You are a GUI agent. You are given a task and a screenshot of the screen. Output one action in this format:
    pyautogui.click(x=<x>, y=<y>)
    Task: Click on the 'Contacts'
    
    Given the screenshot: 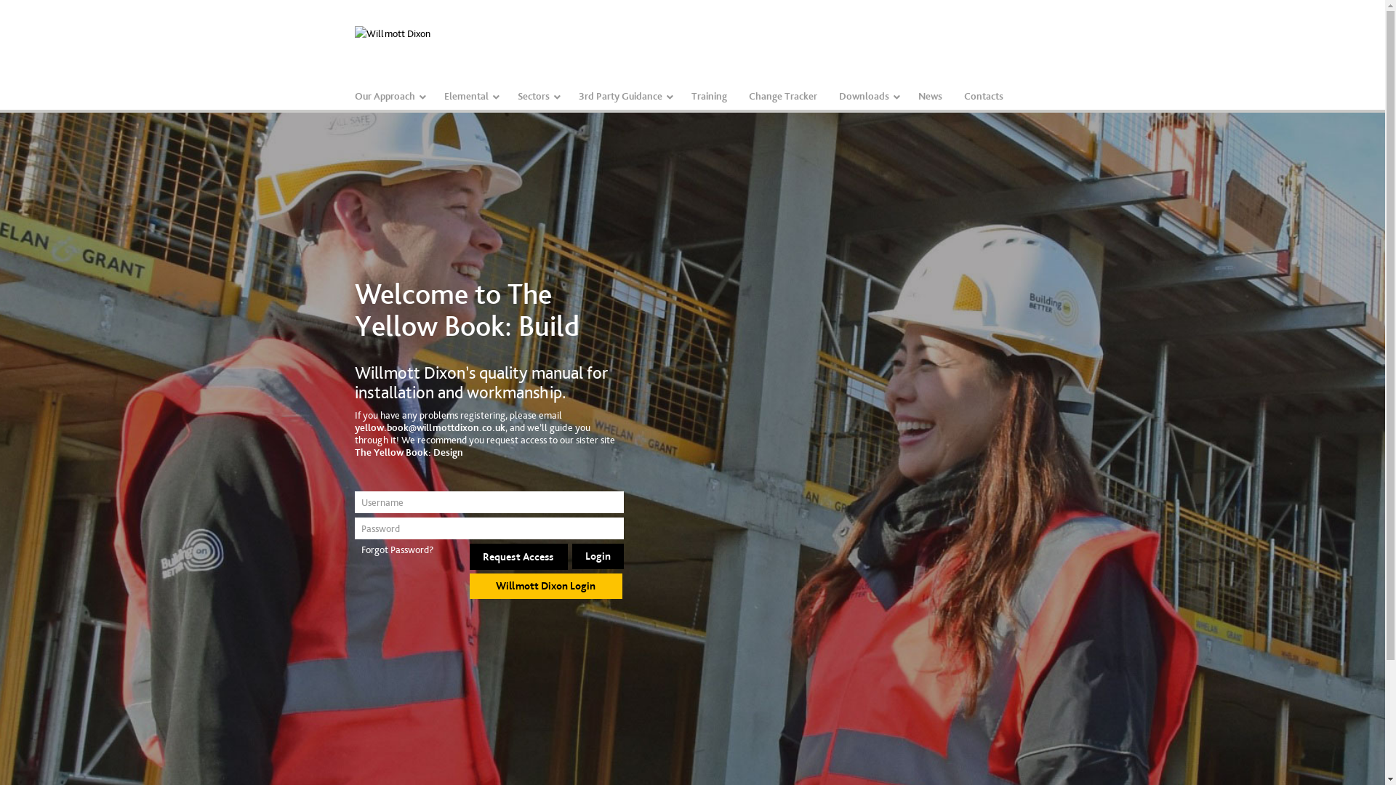 What is the action you would take?
    pyautogui.click(x=983, y=96)
    